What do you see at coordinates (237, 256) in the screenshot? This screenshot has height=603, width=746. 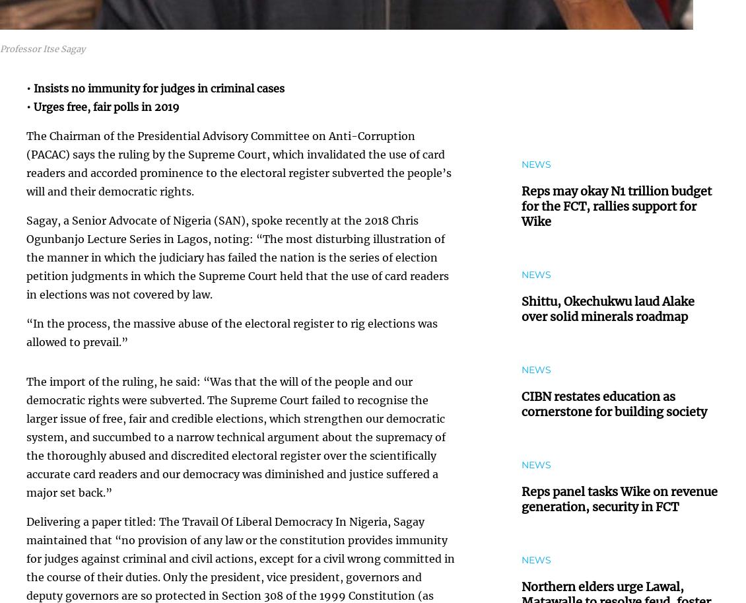 I see `'Sagay, a Senior Advocate of Nigeria (SAN), spoke recently at the 2018 Chris Ogunbanjo Lecture Series in Lagos, noting: “The most disturbing illustration of the manner in which the judiciary has failed the nation is the series of election petition judgments in which the Supreme Court held that the use of card readers in elections was not covered by law.'` at bounding box center [237, 256].